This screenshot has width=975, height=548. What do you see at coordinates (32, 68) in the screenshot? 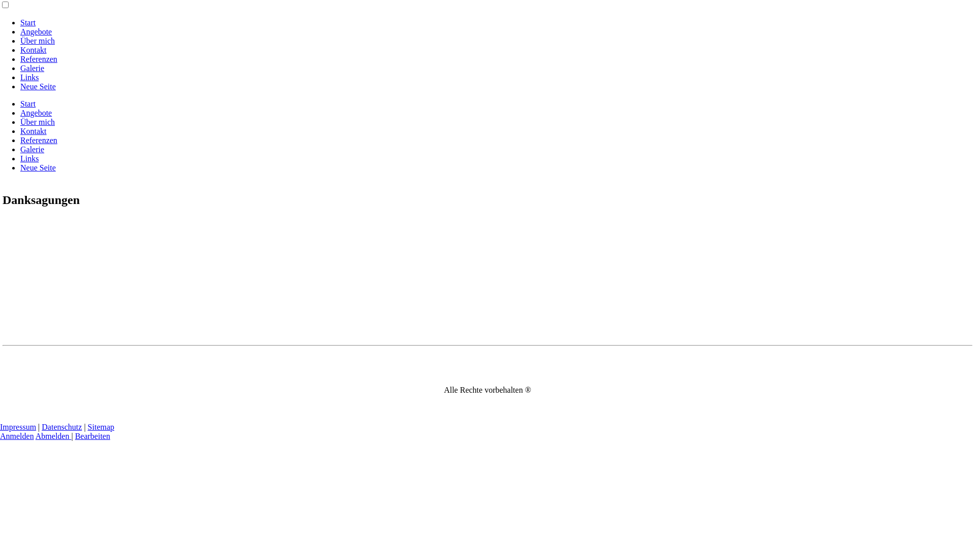
I see `'Galerie'` at bounding box center [32, 68].